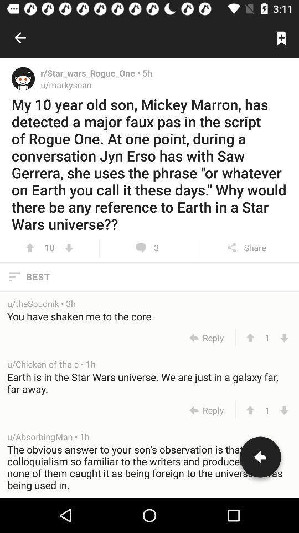 The width and height of the screenshot is (299, 533). What do you see at coordinates (284, 337) in the screenshot?
I see `vote down button` at bounding box center [284, 337].